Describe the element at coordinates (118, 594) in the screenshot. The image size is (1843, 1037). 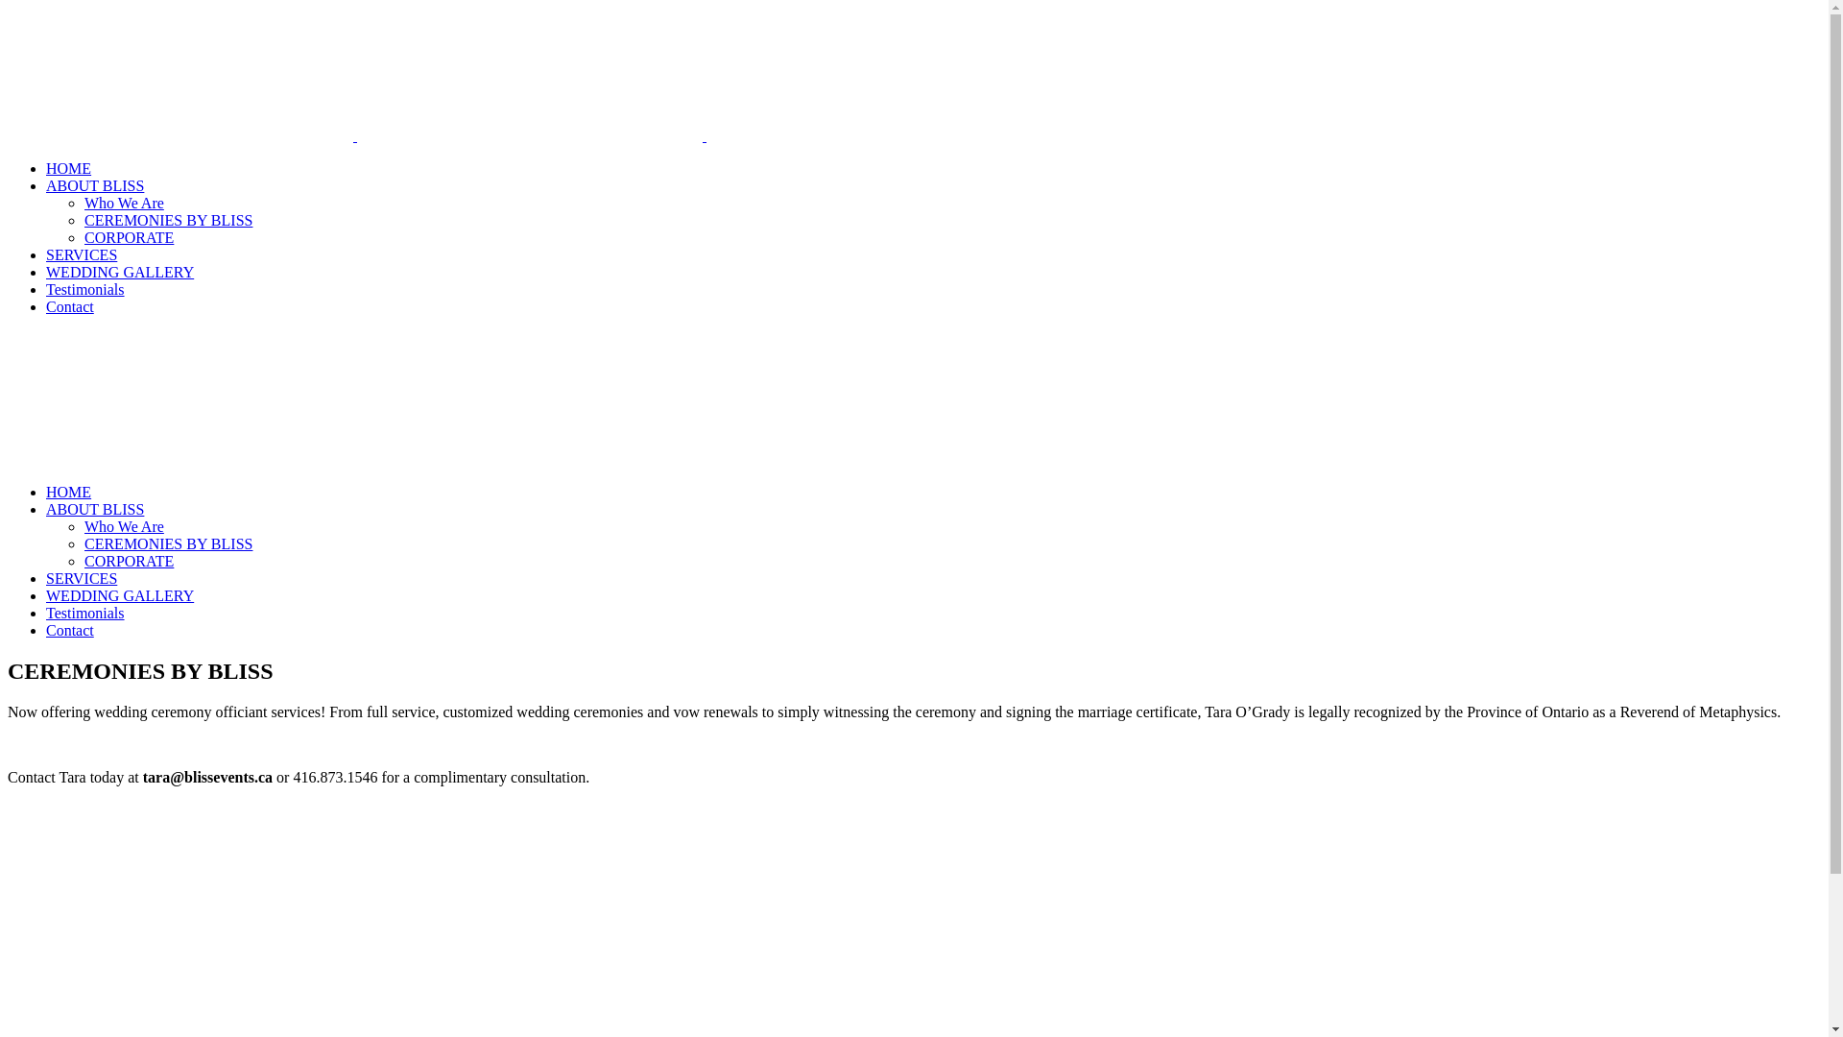
I see `'WEDDING GALLERY'` at that location.